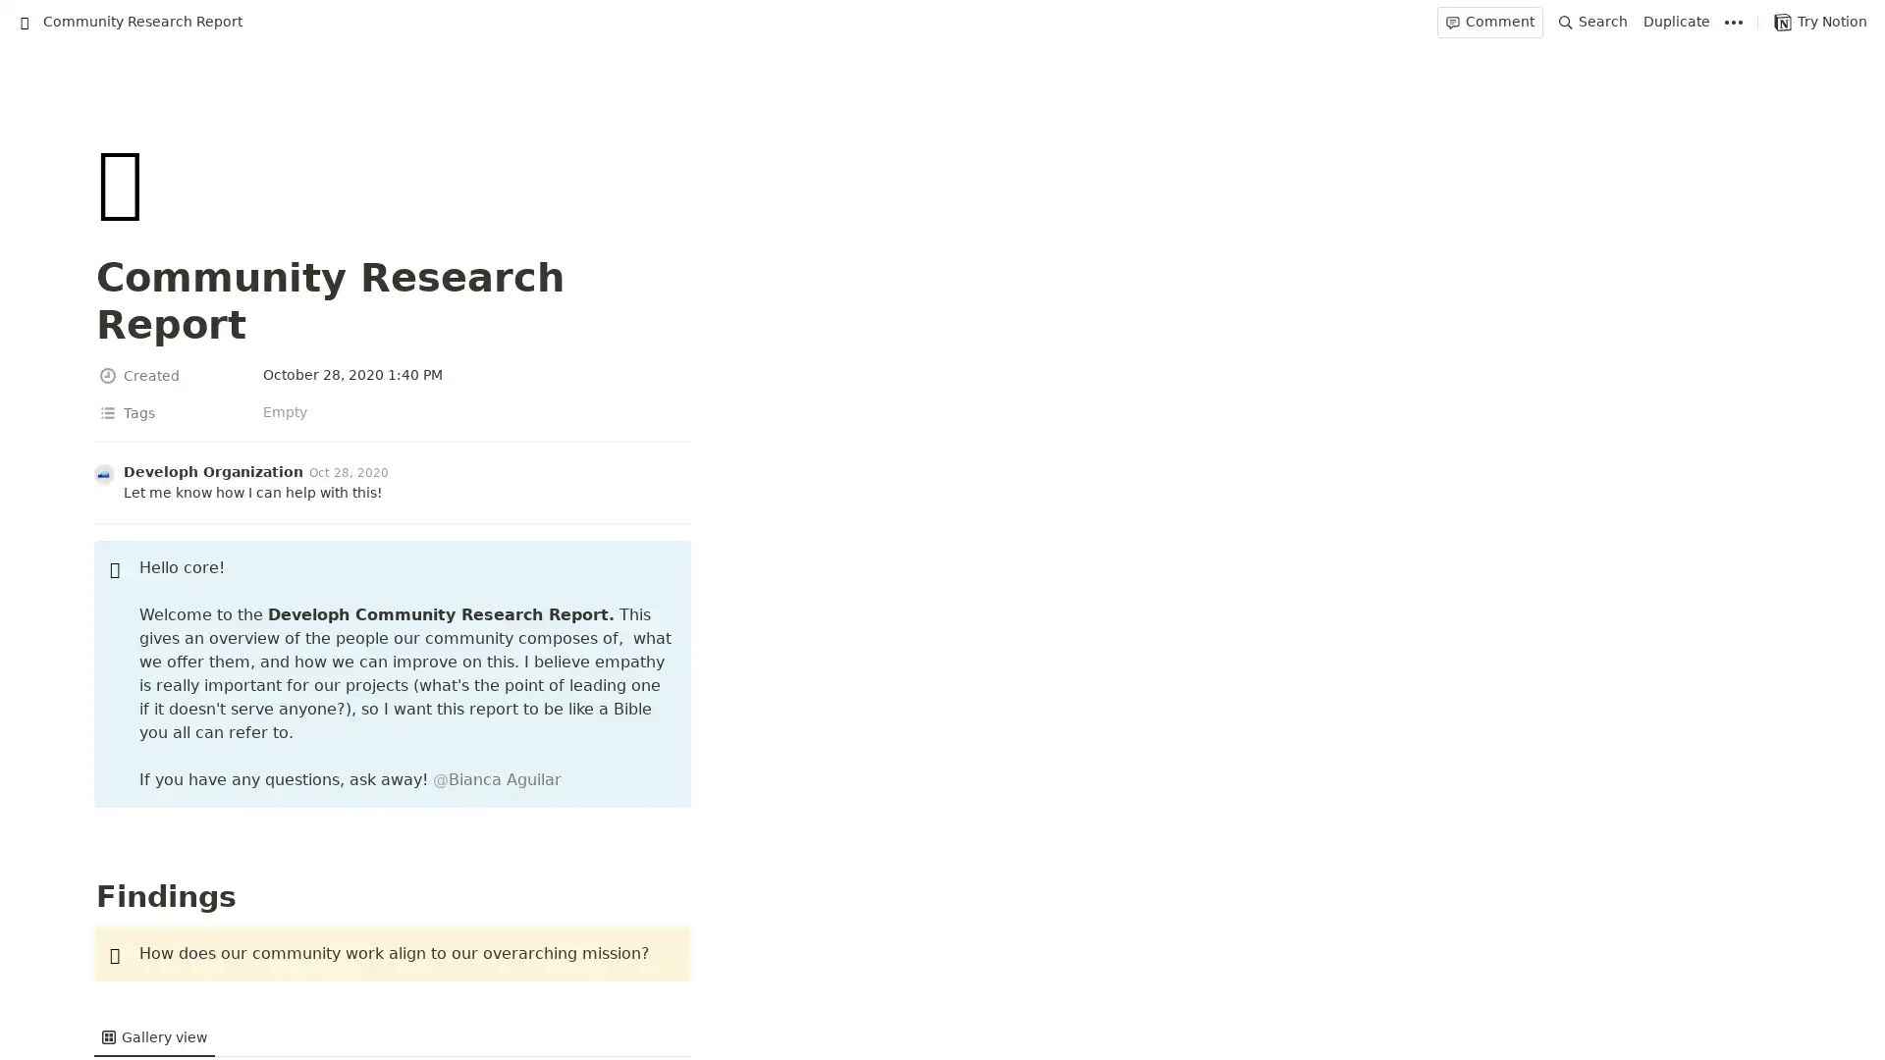 Image resolution: width=1885 pixels, height=1060 pixels. I want to click on Findings, so click(165, 938).